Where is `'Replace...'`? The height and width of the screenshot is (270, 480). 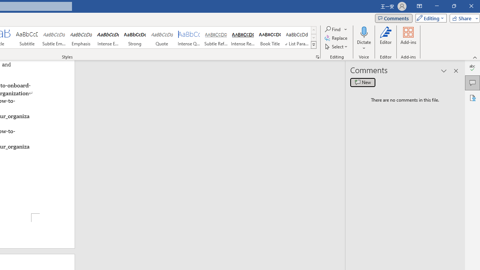 'Replace...' is located at coordinates (336, 38).